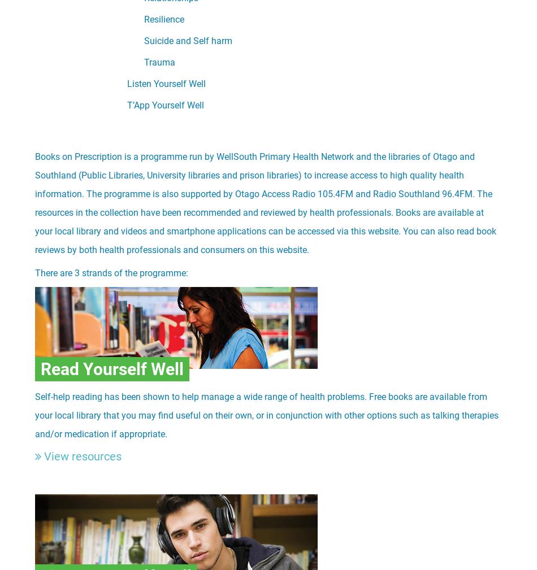  Describe the element at coordinates (111, 369) in the screenshot. I see `'Read Yourself Well'` at that location.